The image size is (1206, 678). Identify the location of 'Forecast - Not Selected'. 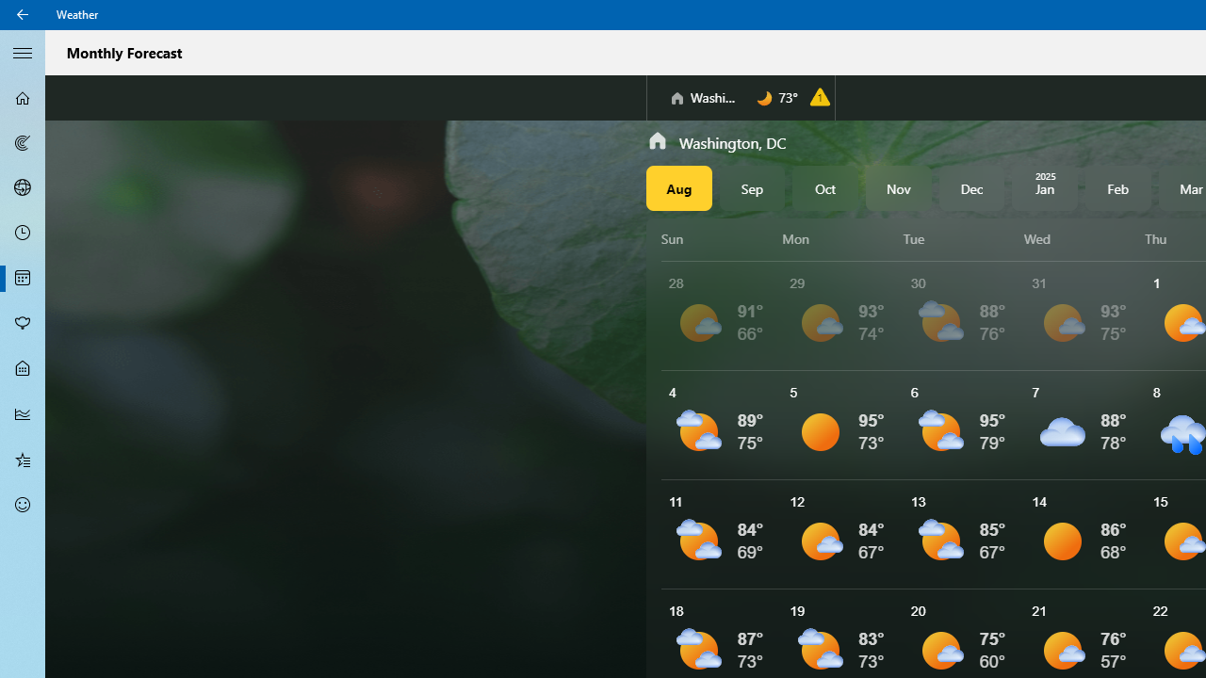
(23, 98).